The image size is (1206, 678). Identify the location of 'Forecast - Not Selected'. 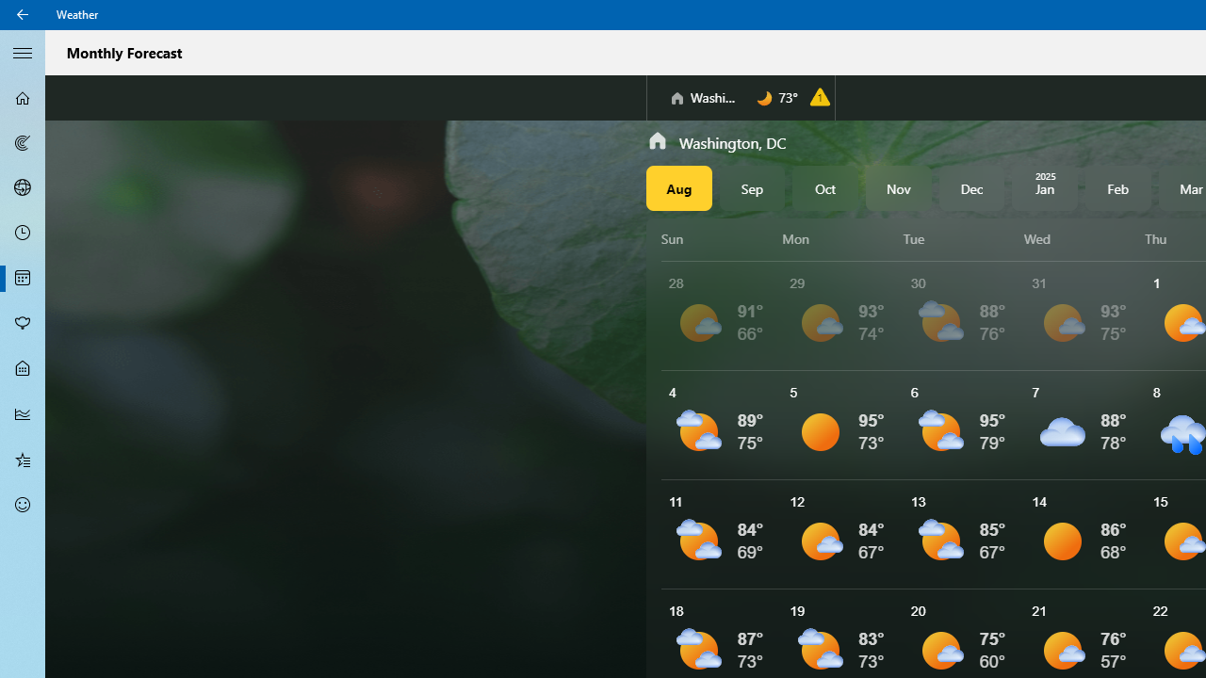
(23, 98).